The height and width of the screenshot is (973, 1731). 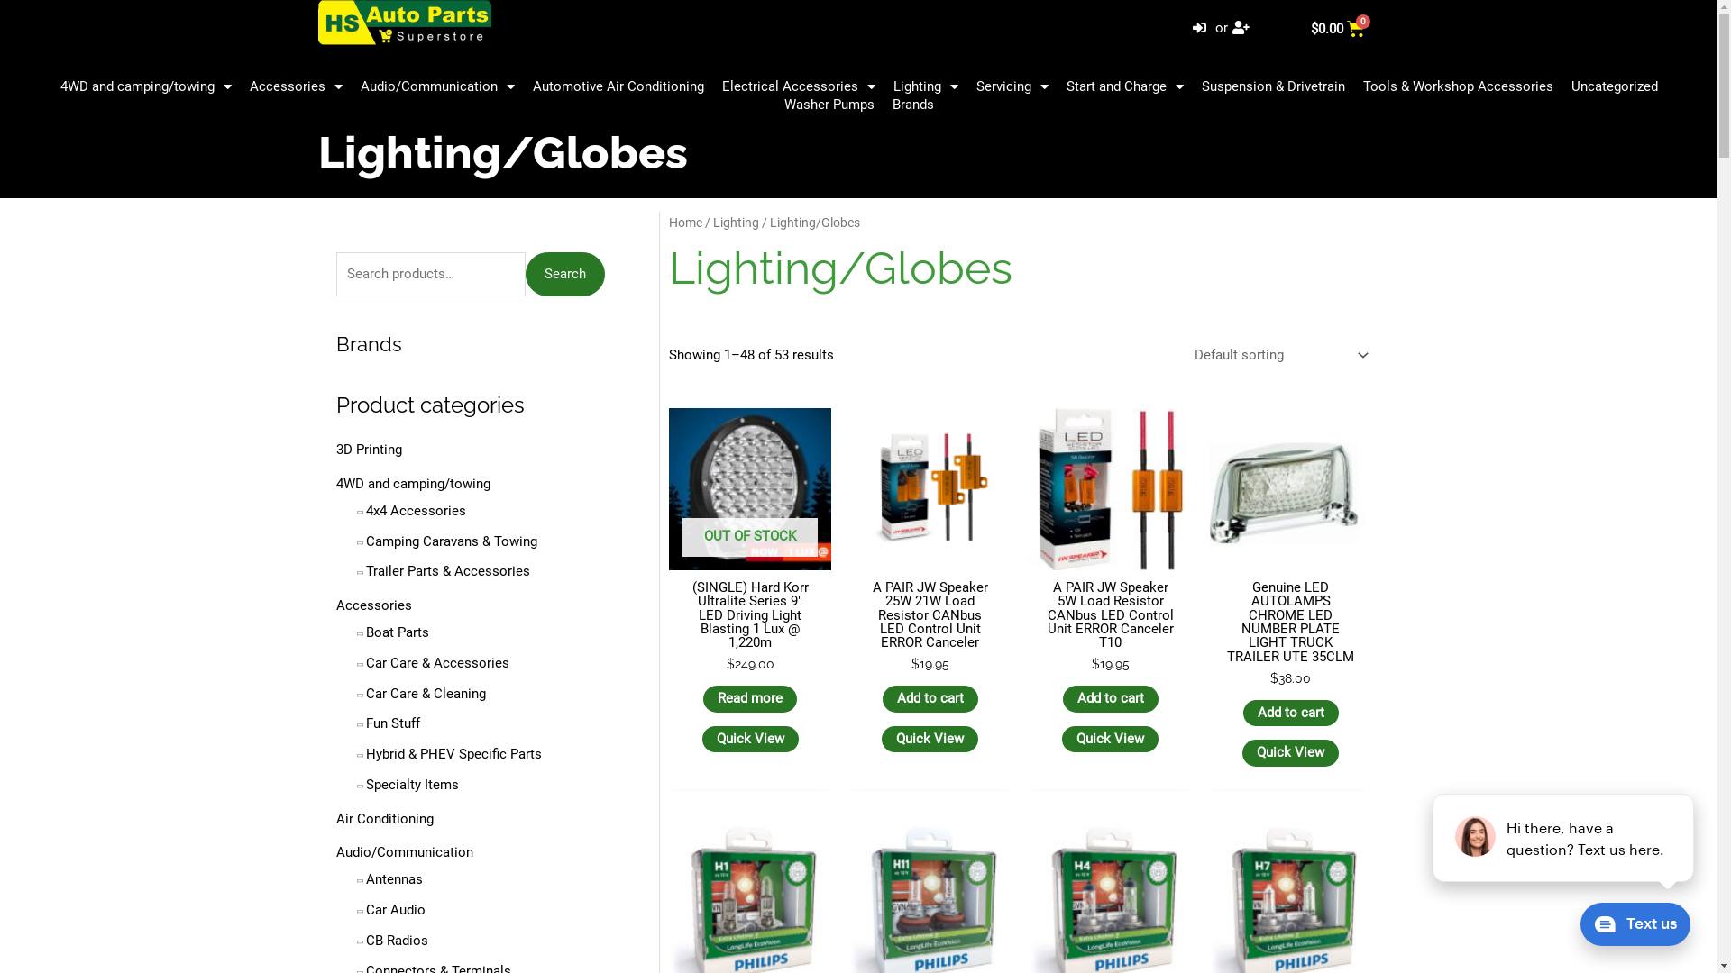 I want to click on 'Washer Pumps', so click(x=774, y=104).